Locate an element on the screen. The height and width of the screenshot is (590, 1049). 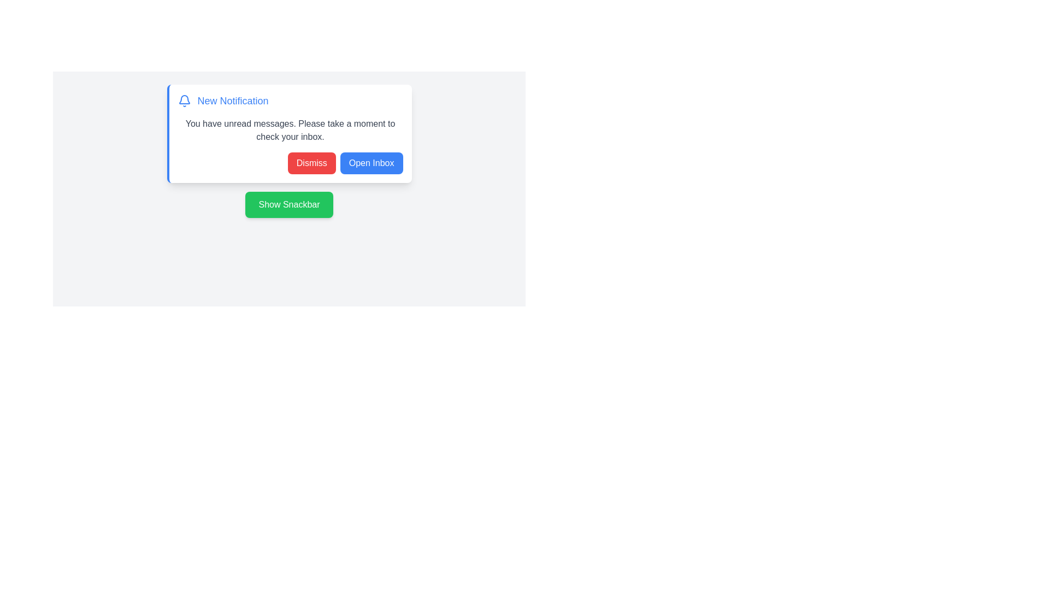
'Dismiss' button to close the snackbar is located at coordinates (311, 163).